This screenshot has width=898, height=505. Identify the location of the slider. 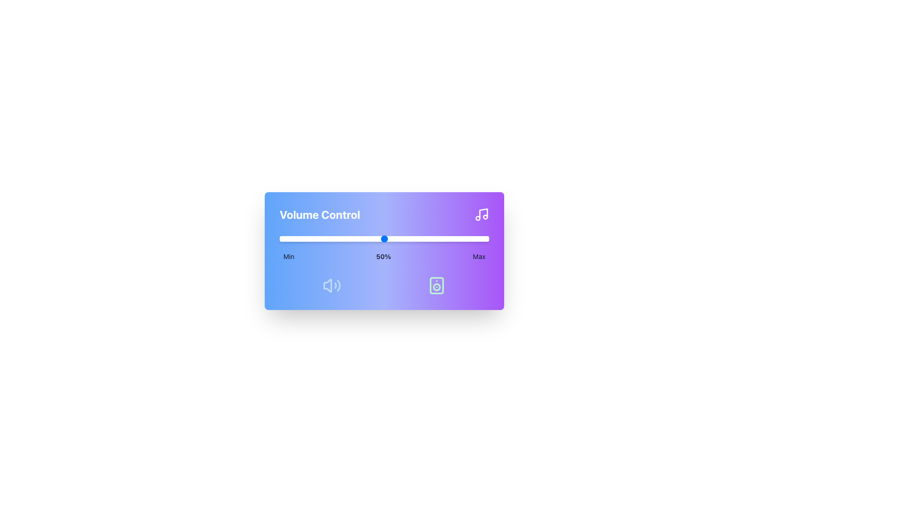
(485, 238).